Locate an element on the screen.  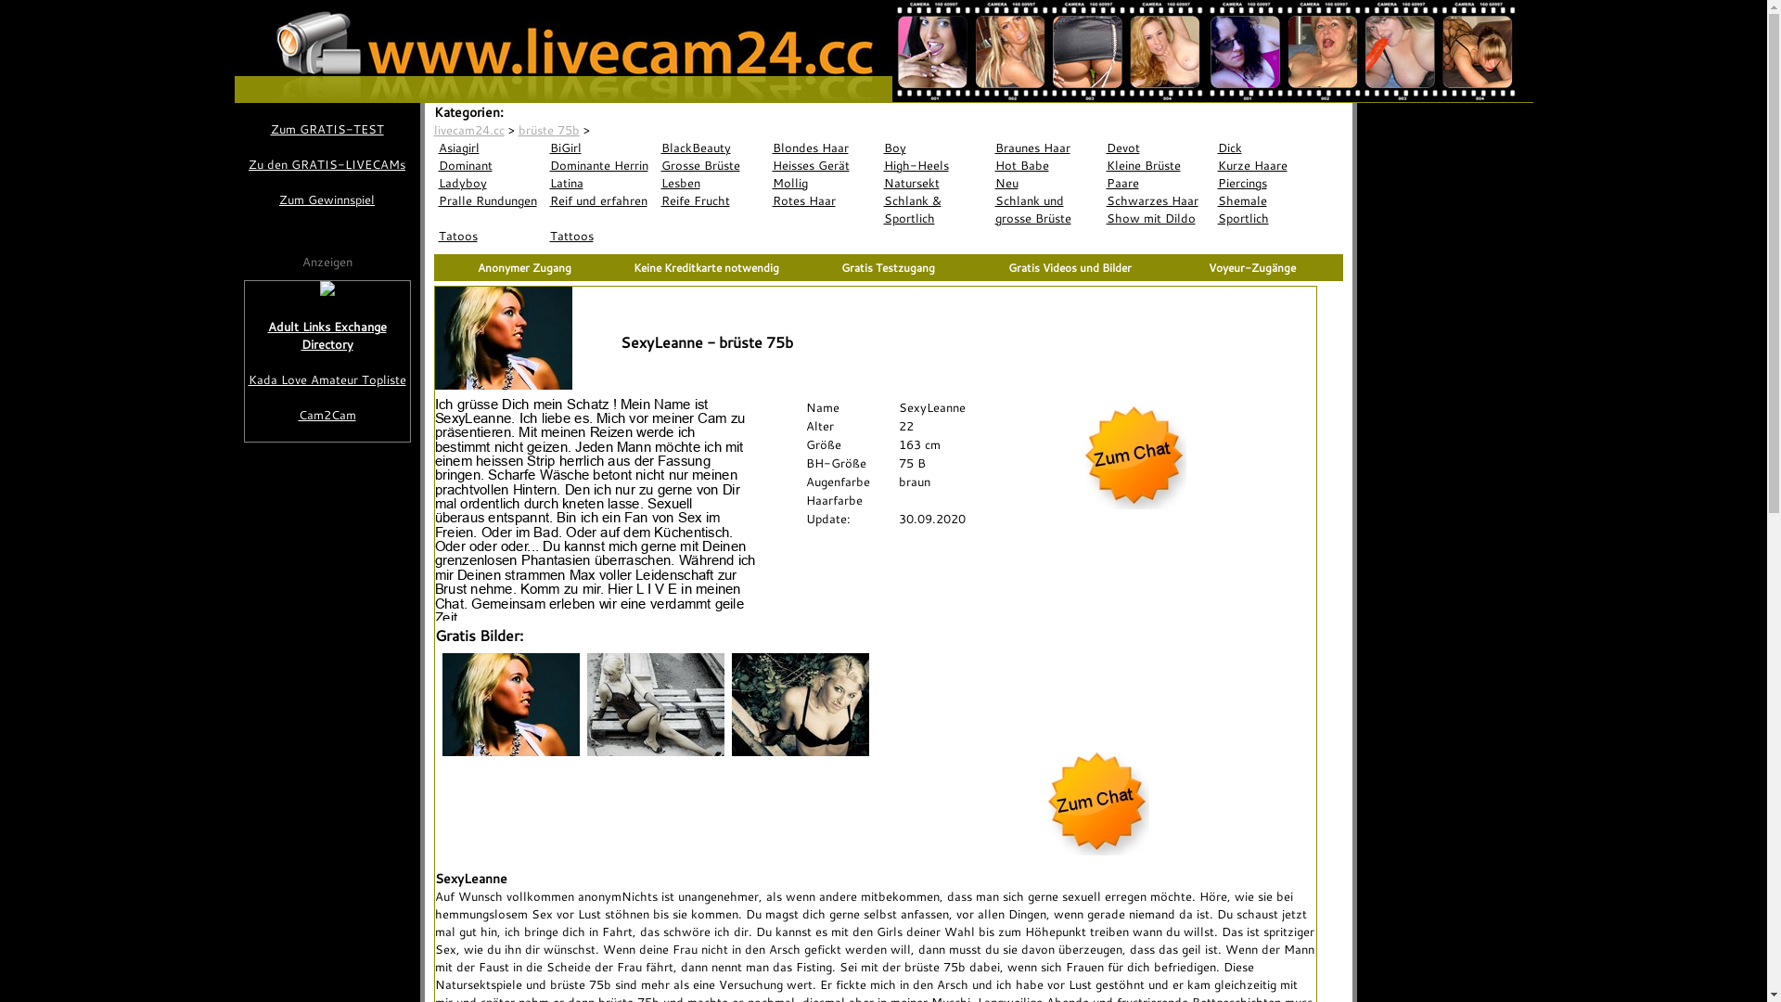
'Kurze Haare' is located at coordinates (1268, 164).